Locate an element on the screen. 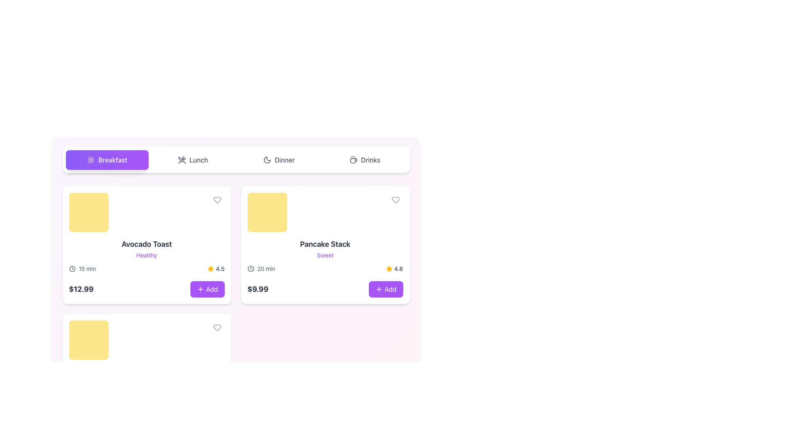 This screenshot has width=786, height=442. the moon-shaped icon located under the 'Dinner' label in the navigation bar by moving the cursor to its center point is located at coordinates (267, 160).